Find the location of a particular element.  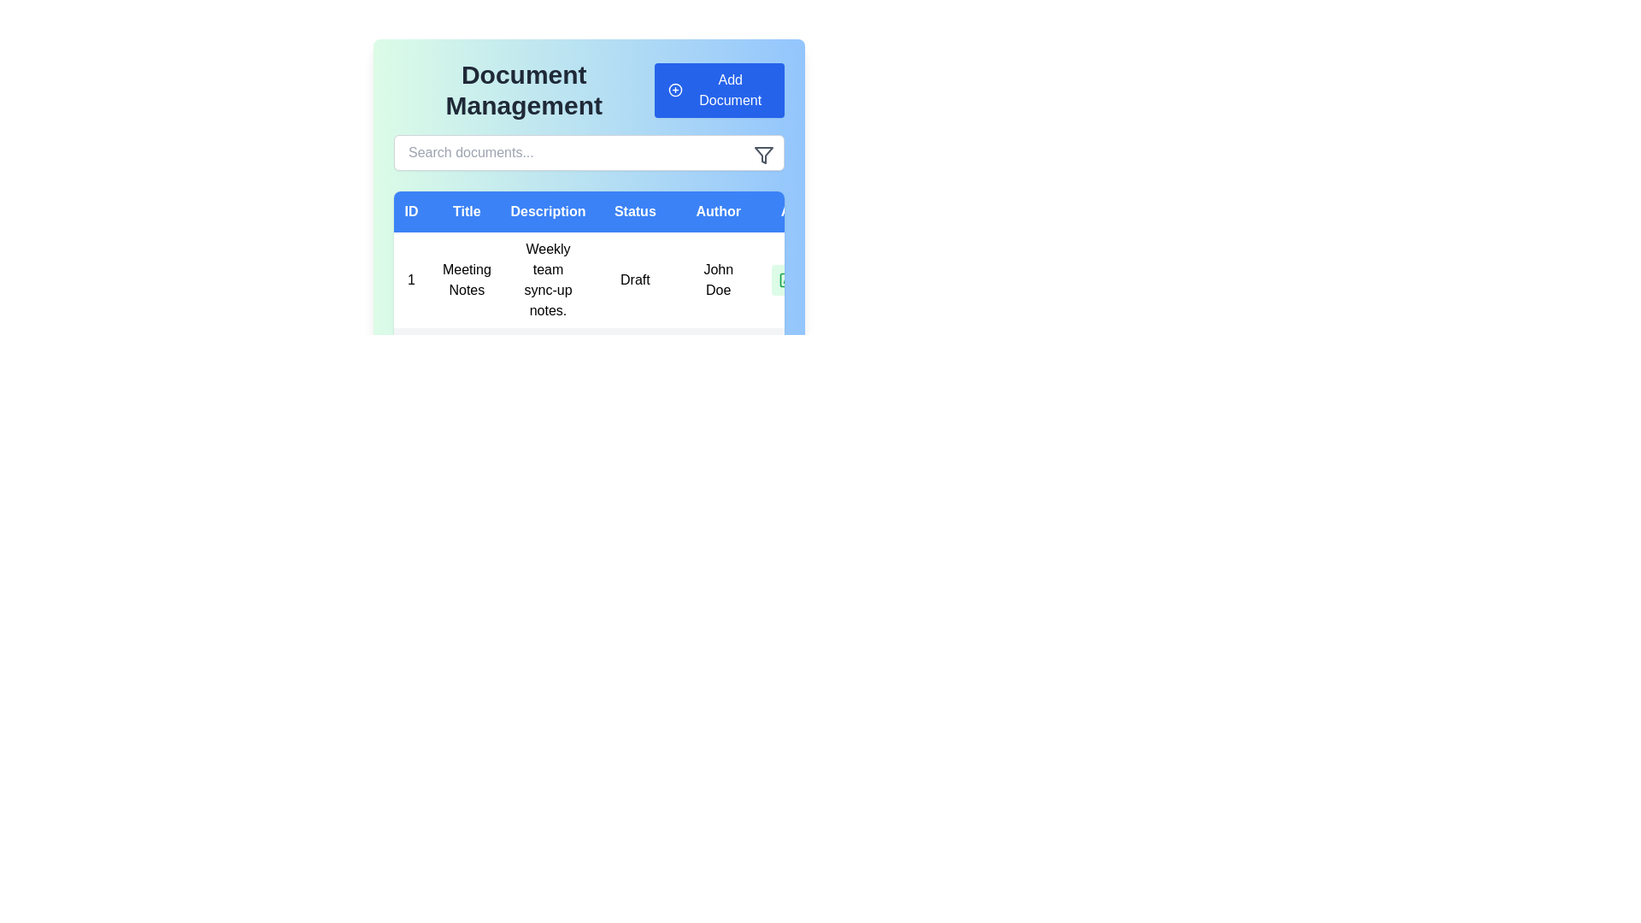

the icon button located in the first row of the data table, aligned to the far-right side after the 'Author' column, to initiate an edit operation on the document 'Meeting Notes' is located at coordinates (786, 279).